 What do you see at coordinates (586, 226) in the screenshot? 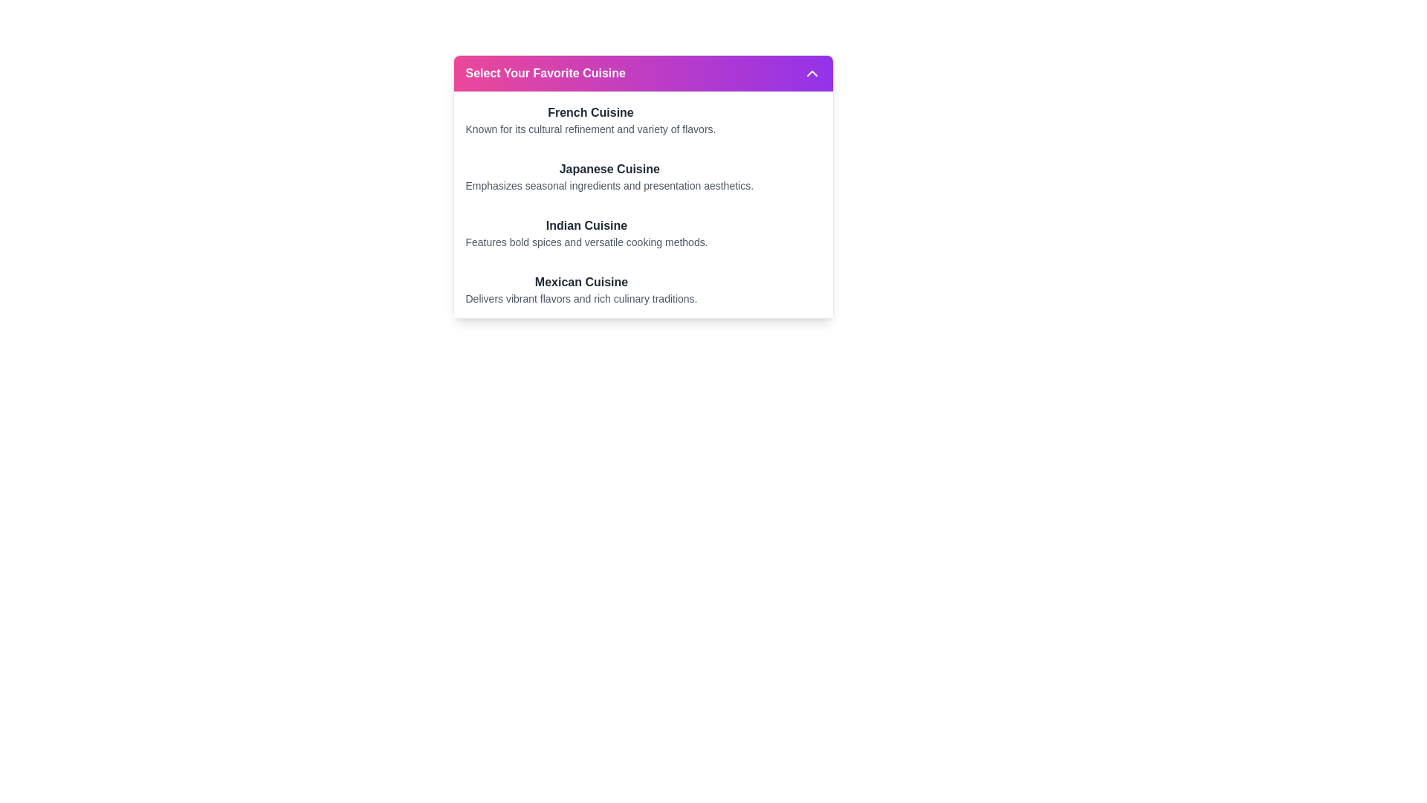
I see `the header text label for 'Indian Cuisine', which is the title for the third cuisine item in a list, centrally positioned within a card-like component` at bounding box center [586, 226].